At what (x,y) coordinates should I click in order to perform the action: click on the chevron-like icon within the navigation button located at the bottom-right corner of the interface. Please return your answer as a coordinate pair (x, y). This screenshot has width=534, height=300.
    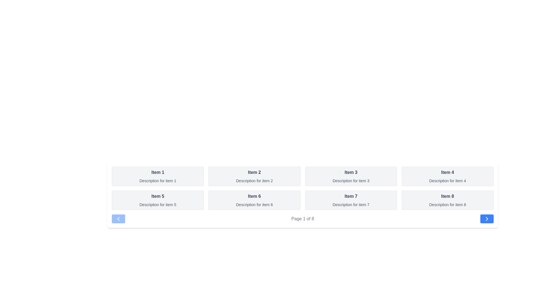
    Looking at the image, I should click on (487, 218).